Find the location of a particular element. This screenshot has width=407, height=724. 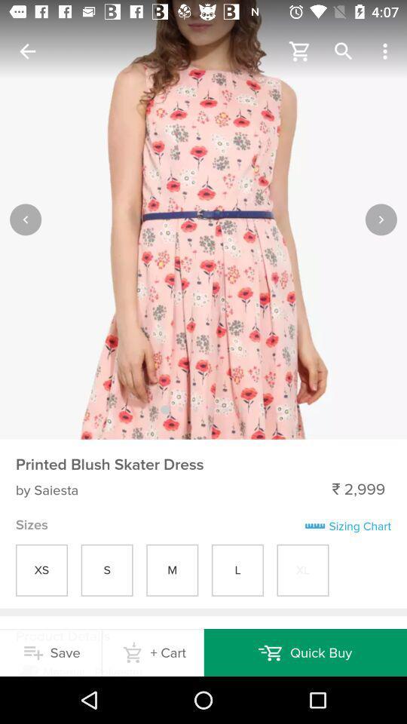

magnifier icon is located at coordinates (344, 51).